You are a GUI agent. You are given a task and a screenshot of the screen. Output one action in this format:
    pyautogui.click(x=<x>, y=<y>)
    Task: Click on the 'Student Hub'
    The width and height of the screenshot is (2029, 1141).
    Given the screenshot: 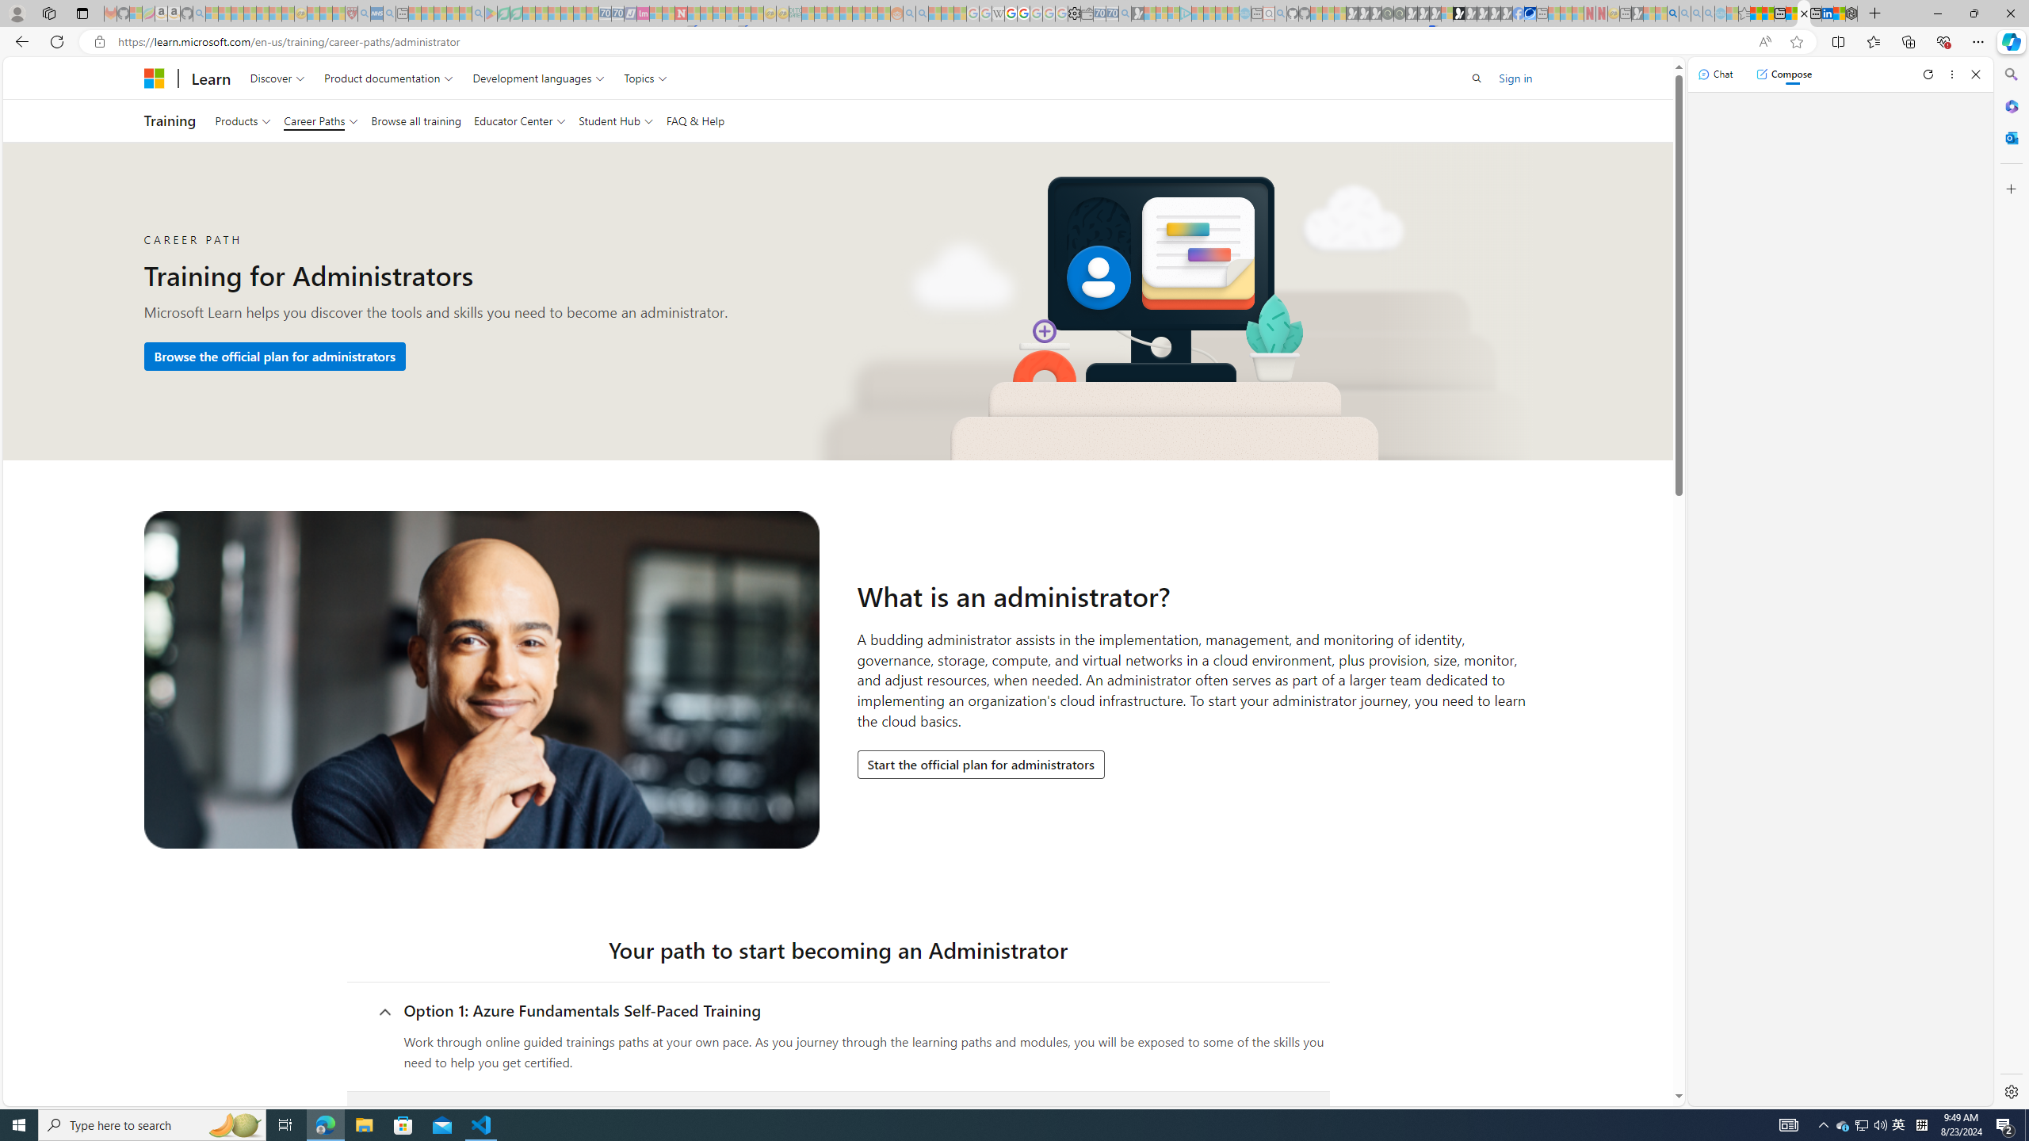 What is the action you would take?
    pyautogui.click(x=614, y=120)
    